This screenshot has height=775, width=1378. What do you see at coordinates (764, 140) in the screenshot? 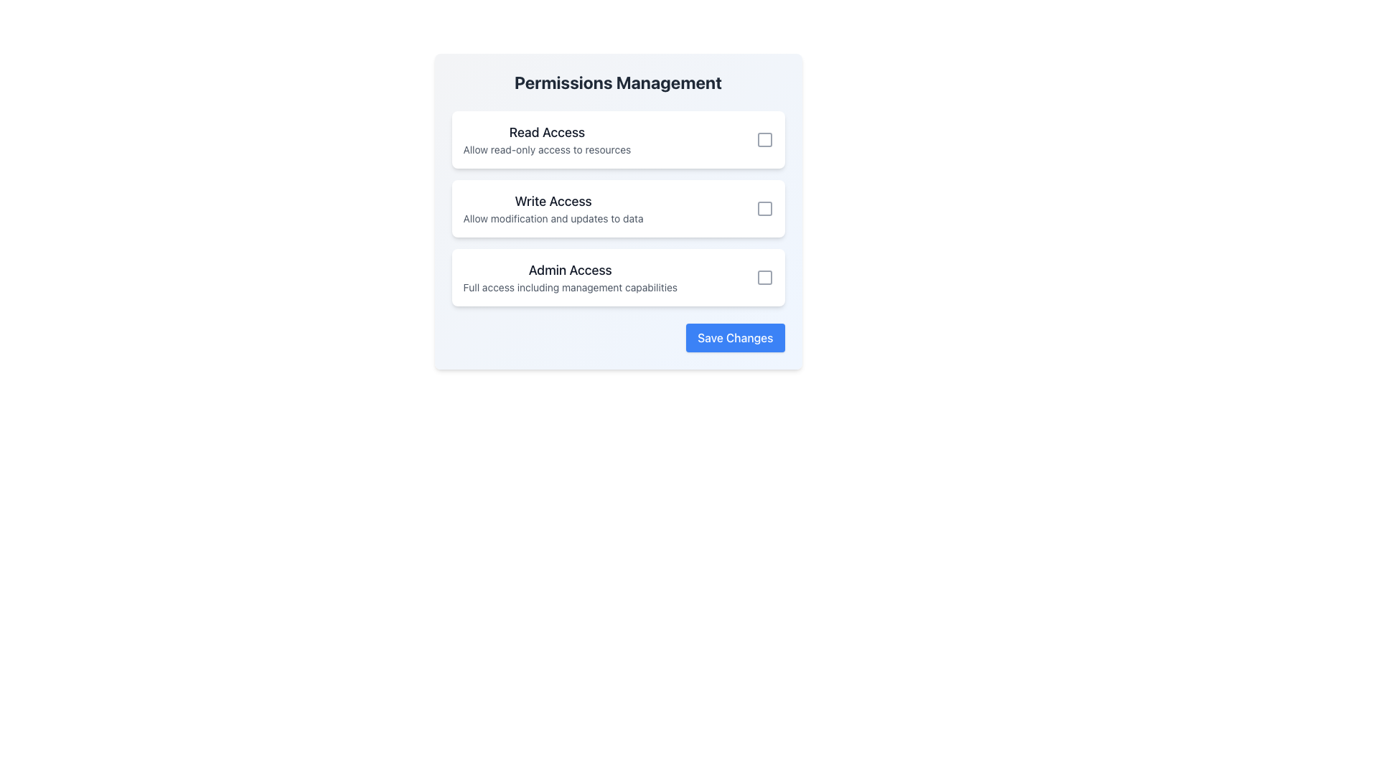
I see `the Checkbox Indicator located in the 'Read Access' section` at bounding box center [764, 140].